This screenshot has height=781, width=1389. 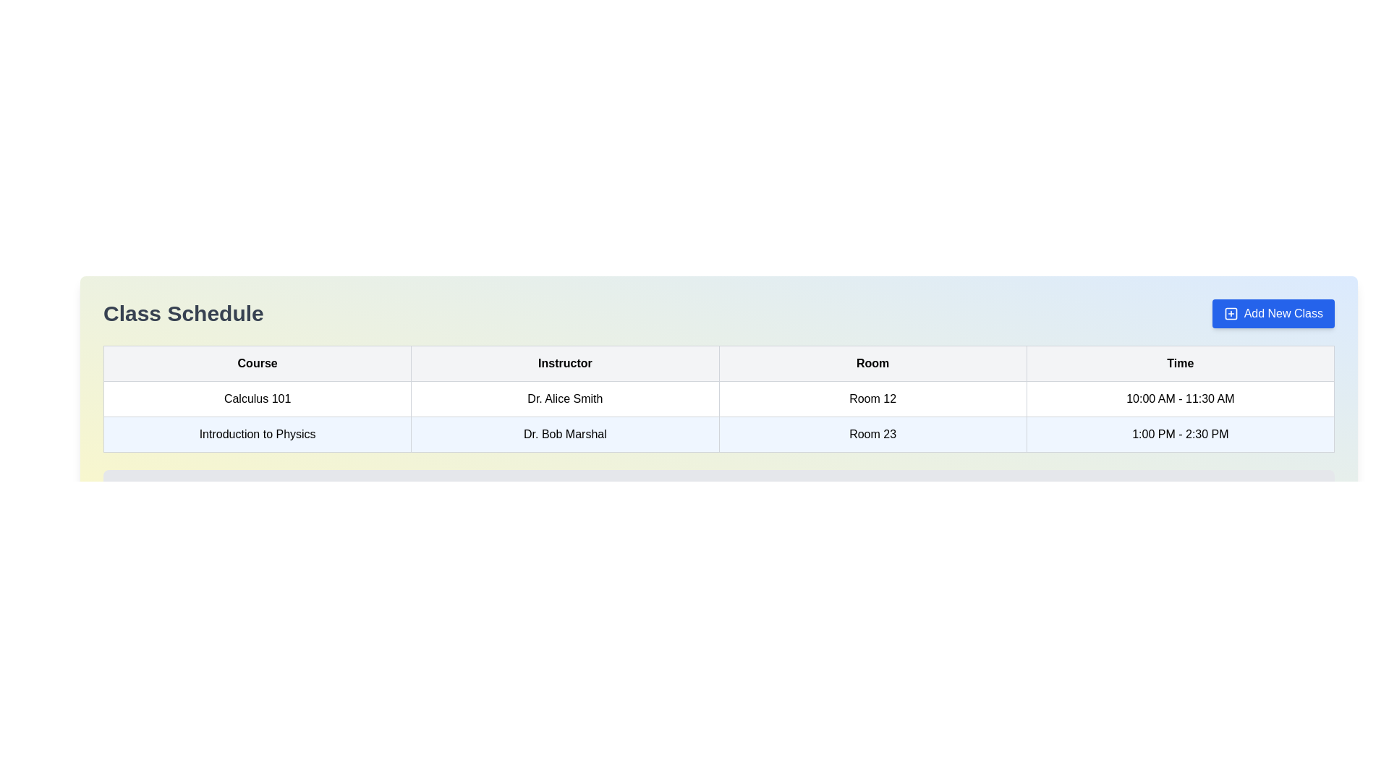 I want to click on the 'Course' column header cell in the table, which is the first cell from the left in the header row located below the 'Class Schedule' title, so click(x=258, y=362).